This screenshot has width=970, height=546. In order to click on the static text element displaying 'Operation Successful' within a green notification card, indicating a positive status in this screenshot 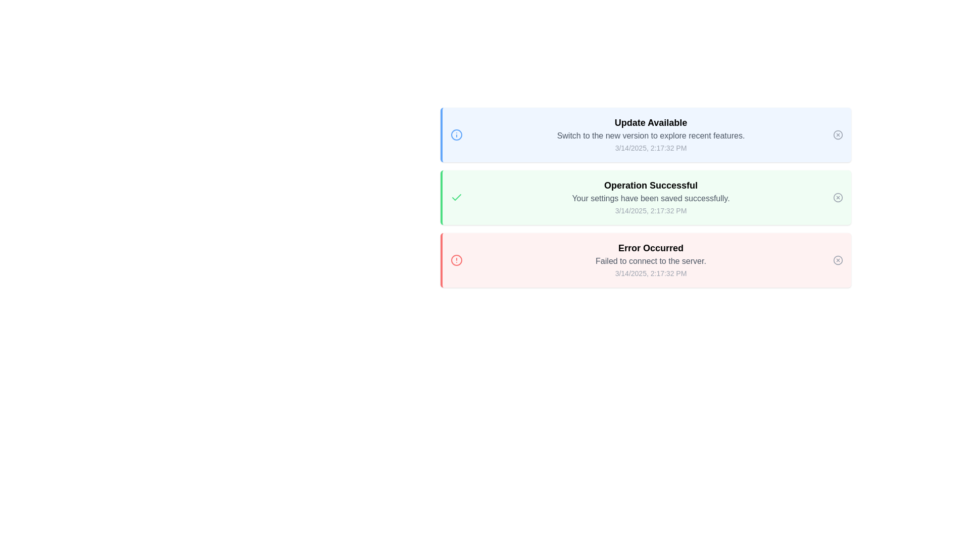, I will do `click(651, 185)`.